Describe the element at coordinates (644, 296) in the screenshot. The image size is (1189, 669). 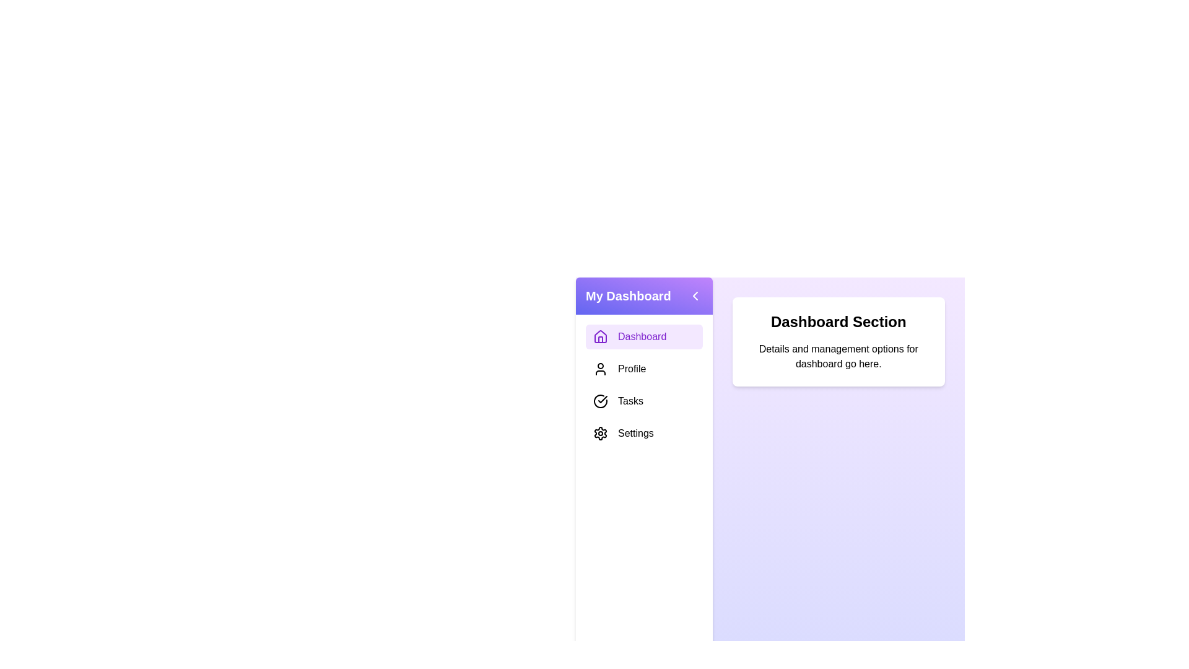
I see `the header element labeled 'My Dashboard' located at the top of the sidebar on the left side of the interface` at that location.